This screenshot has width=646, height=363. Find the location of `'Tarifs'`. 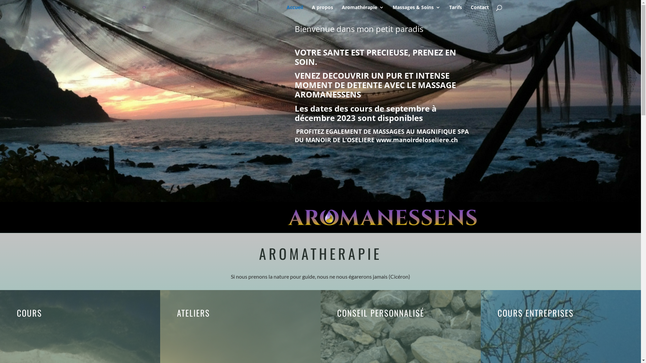

'Tarifs' is located at coordinates (455, 10).